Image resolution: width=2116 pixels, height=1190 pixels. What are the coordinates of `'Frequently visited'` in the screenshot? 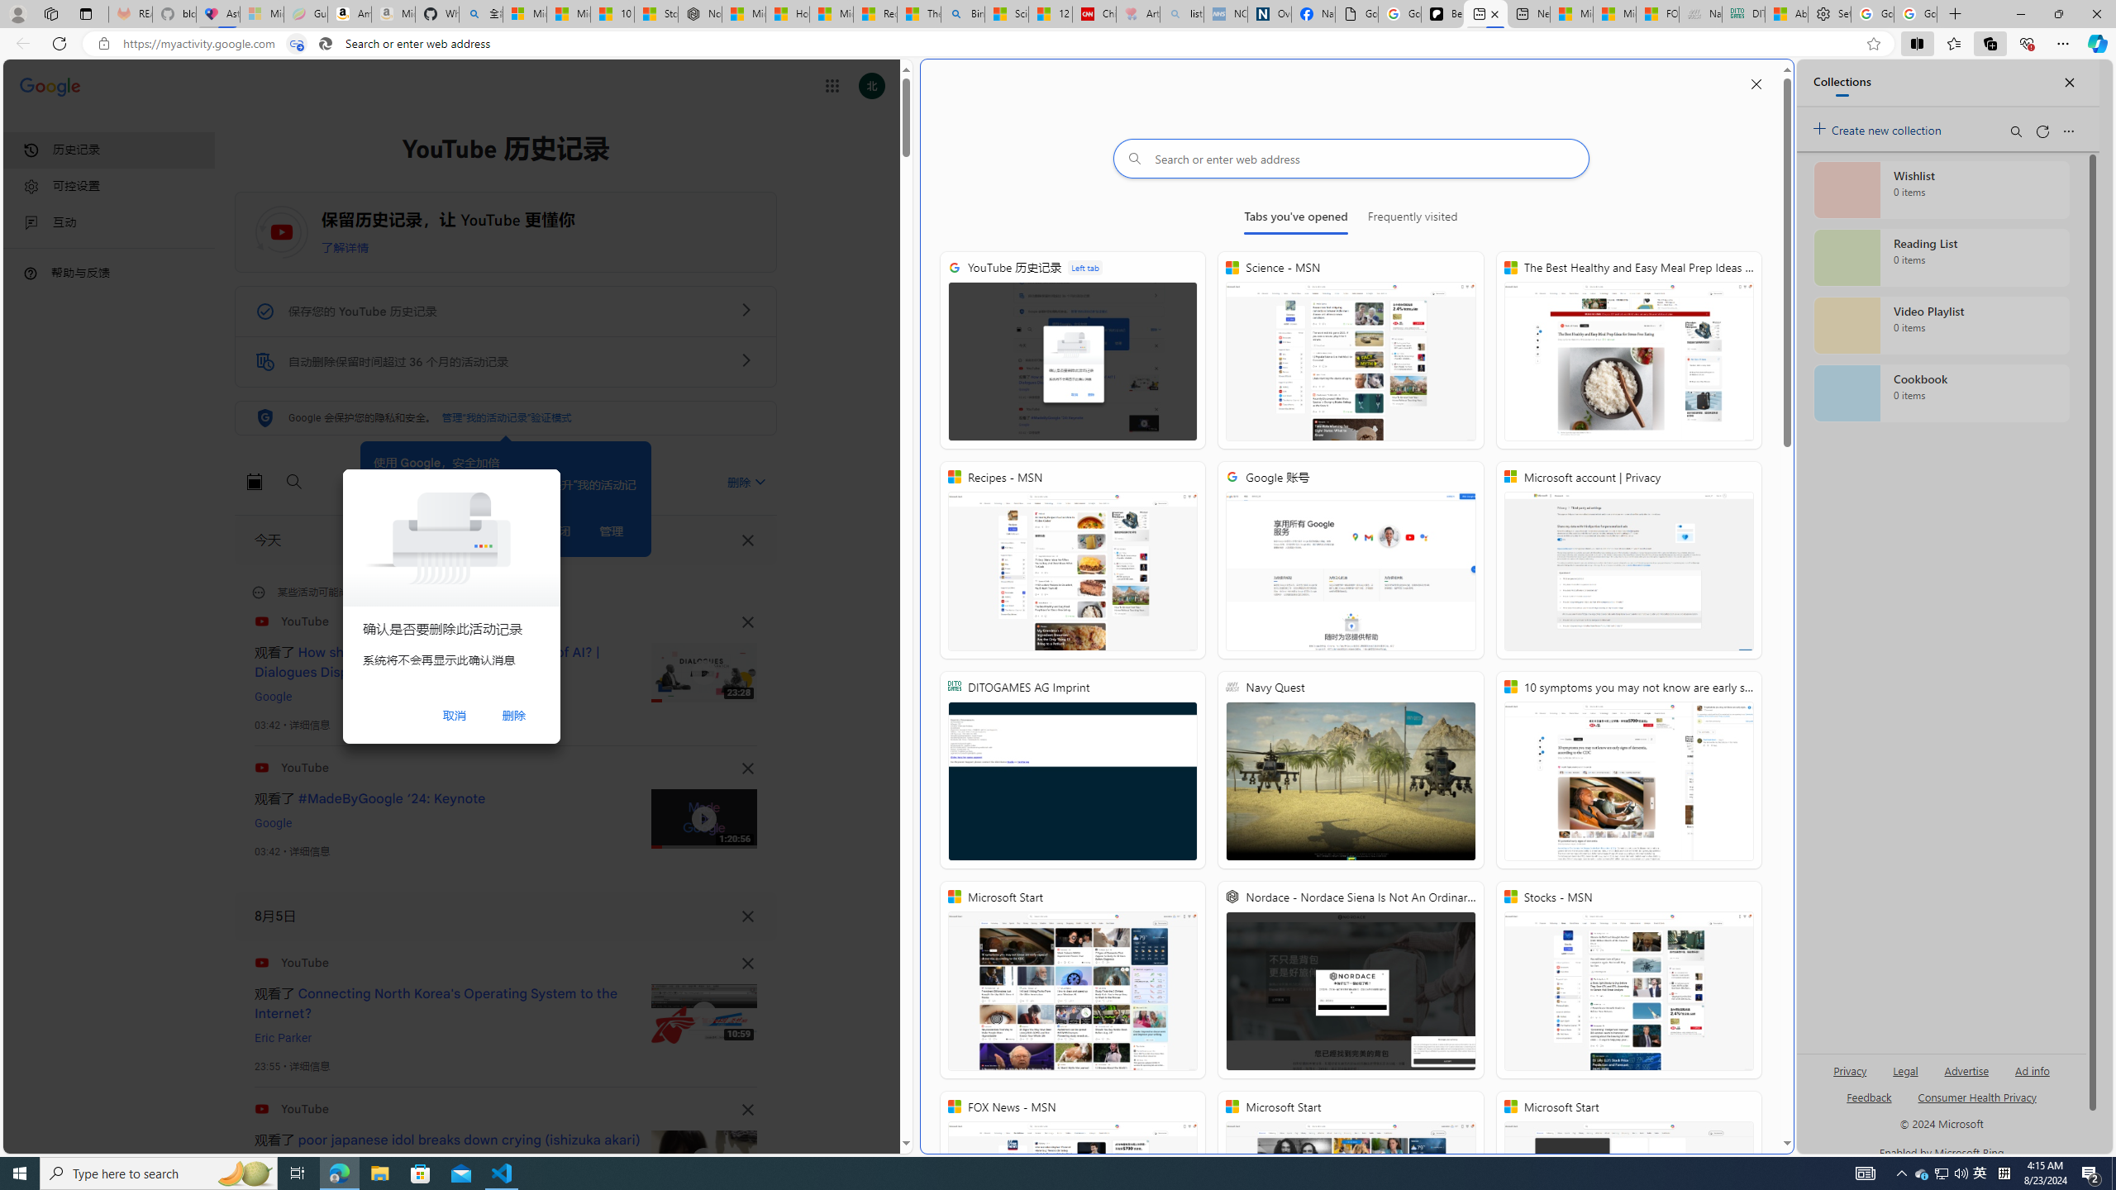 It's located at (1412, 219).